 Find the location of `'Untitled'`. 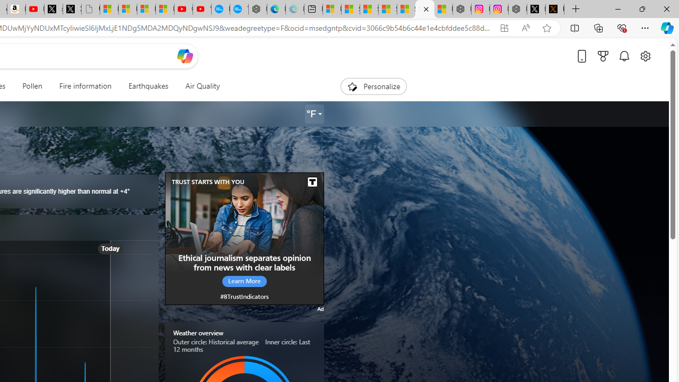

'Untitled' is located at coordinates (90, 9).